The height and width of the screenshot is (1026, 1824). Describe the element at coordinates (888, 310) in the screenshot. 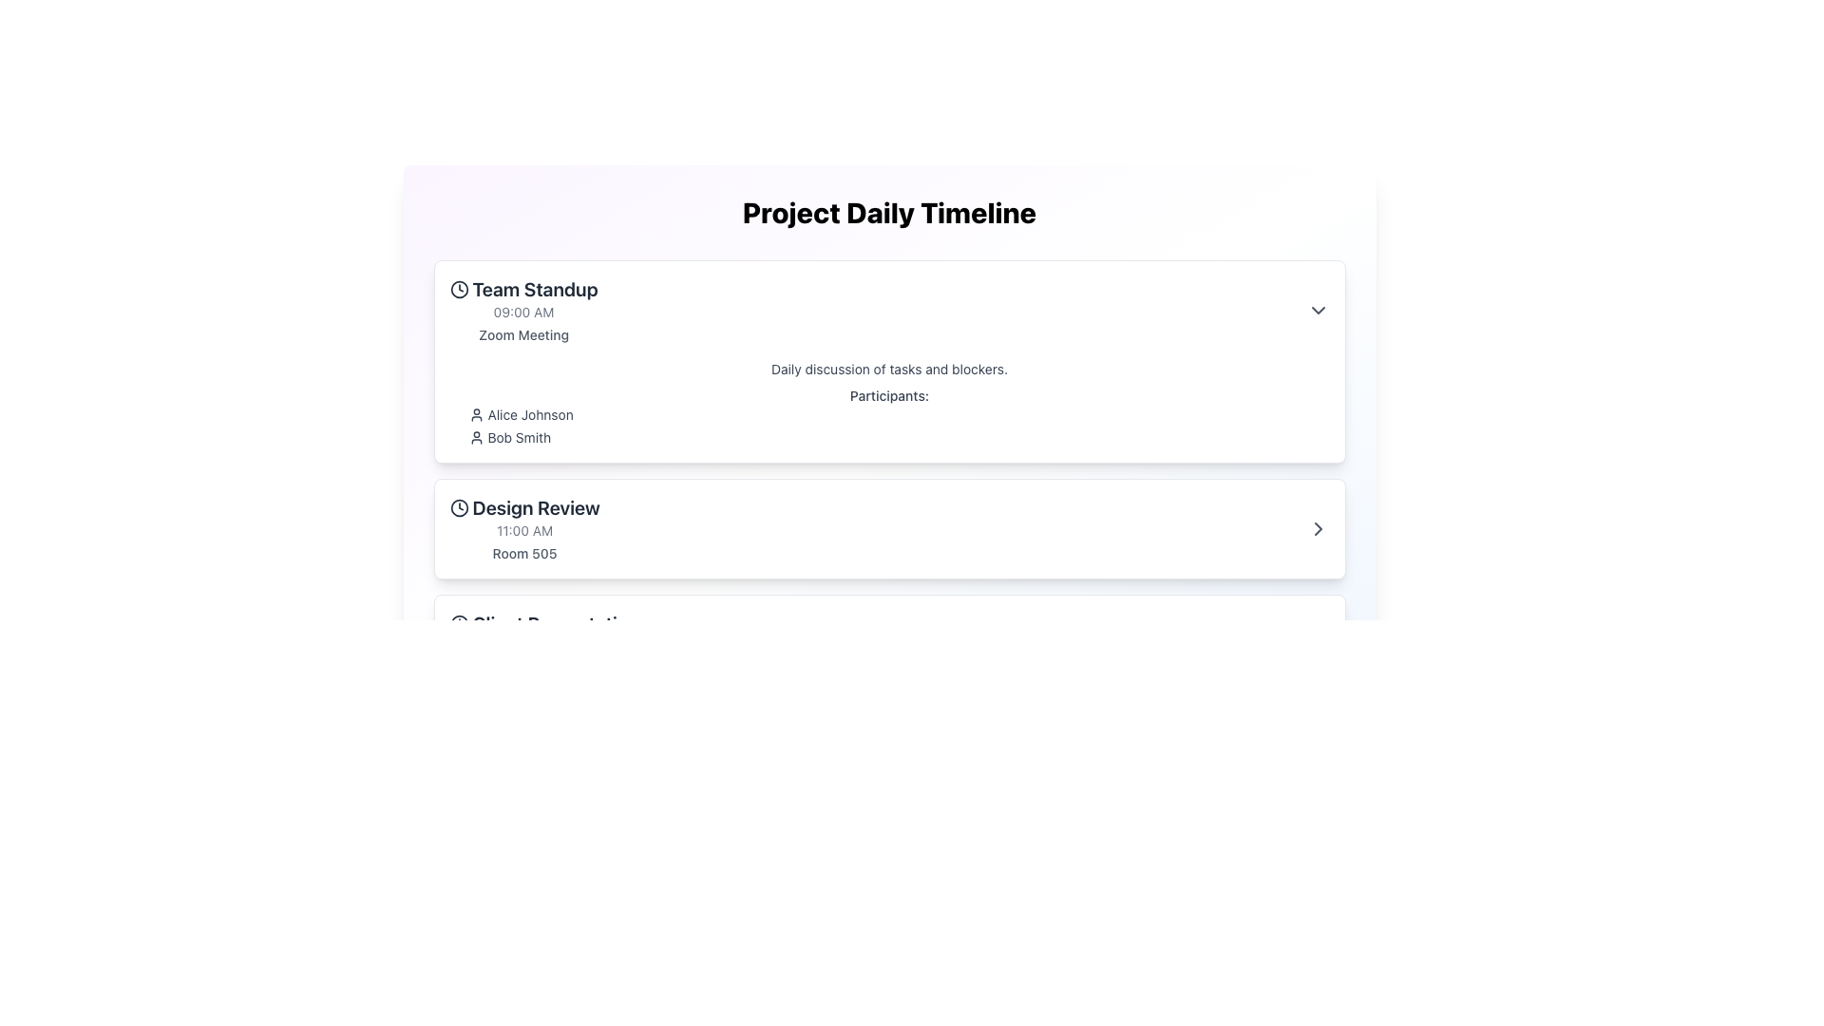

I see `the interactive meeting event item located at the top of the timeline section` at that location.